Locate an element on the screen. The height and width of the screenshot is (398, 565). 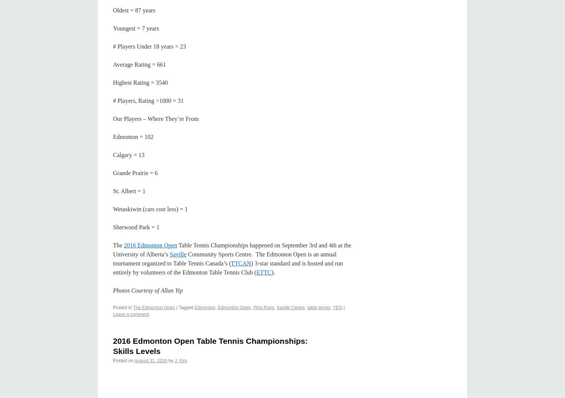
'Grande Prairie = 6' is located at coordinates (134, 172).